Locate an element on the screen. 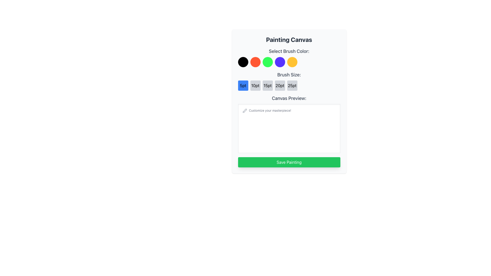 The height and width of the screenshot is (276, 491). the button that sets the brush size to 25 points, located on the rightmost side of a group of buttons beneath the 'Brush Size:' label in the 'Painting Canvas' panel is located at coordinates (292, 85).